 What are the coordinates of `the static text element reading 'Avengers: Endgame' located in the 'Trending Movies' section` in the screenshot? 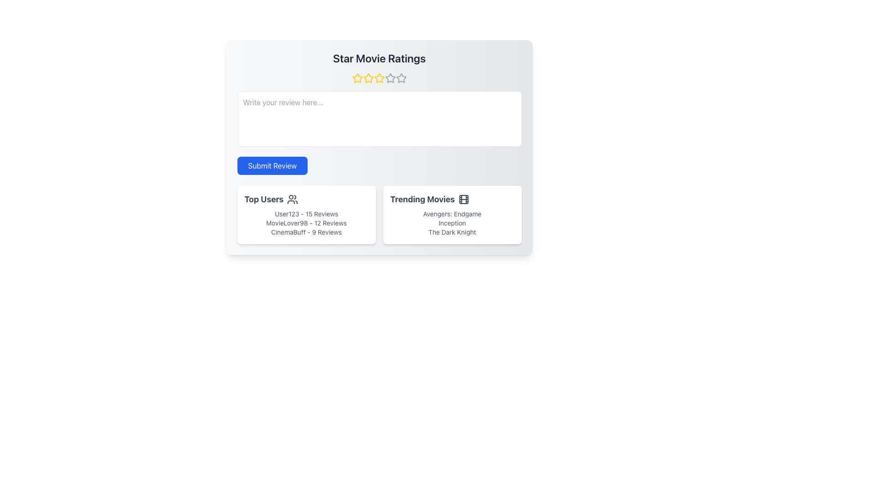 It's located at (452, 214).